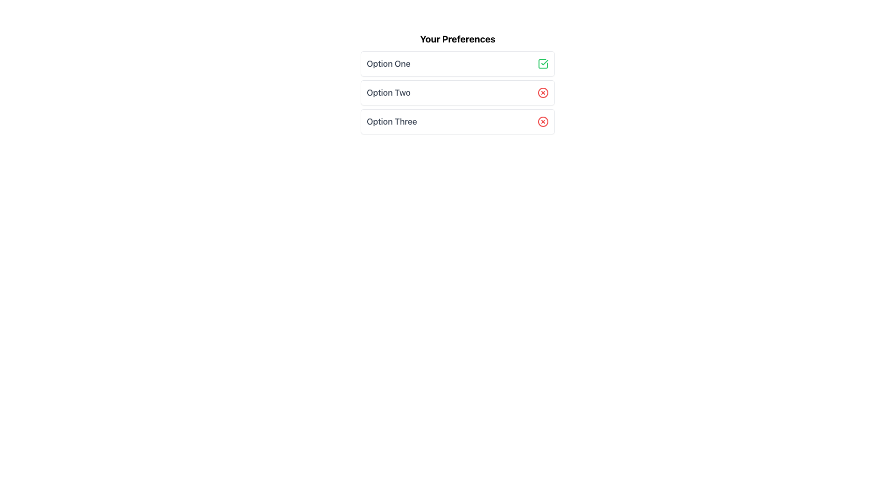  I want to click on the static text label indicating the first option in the list of selectable preferences under 'Your Preferences', so click(388, 63).